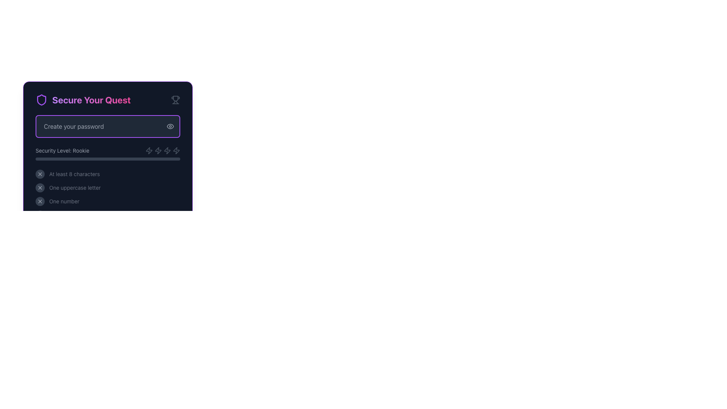  I want to click on the static text header indicating the theme of securing something, positioned above the 'Create your password' input field, so click(107, 99).